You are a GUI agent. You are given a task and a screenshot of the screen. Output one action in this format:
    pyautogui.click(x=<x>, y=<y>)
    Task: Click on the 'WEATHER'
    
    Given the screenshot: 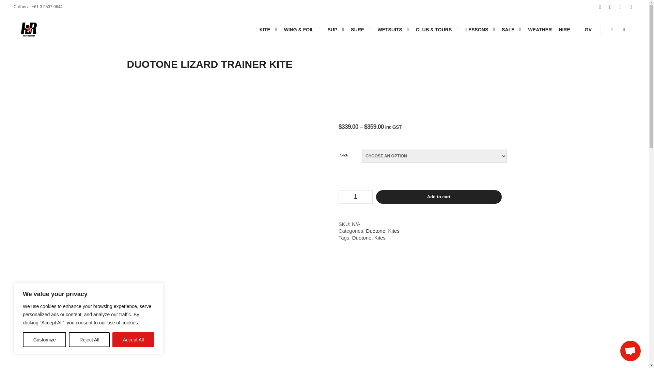 What is the action you would take?
    pyautogui.click(x=540, y=29)
    